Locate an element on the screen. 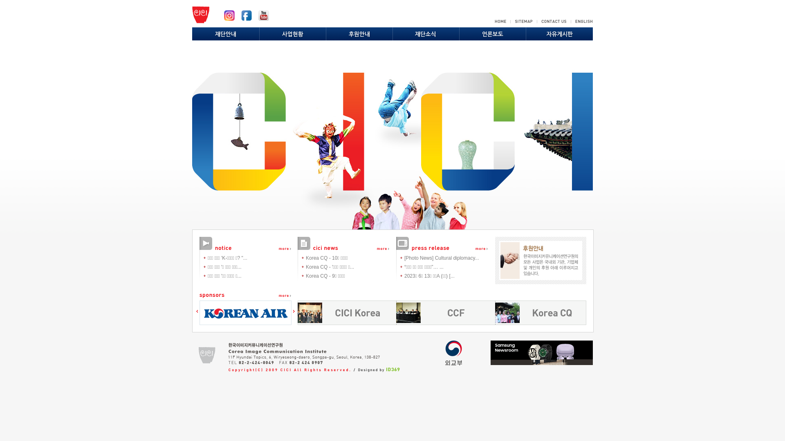 The height and width of the screenshot is (441, 785). '[Photo News] Cultural diplomacy...' is located at coordinates (441, 258).